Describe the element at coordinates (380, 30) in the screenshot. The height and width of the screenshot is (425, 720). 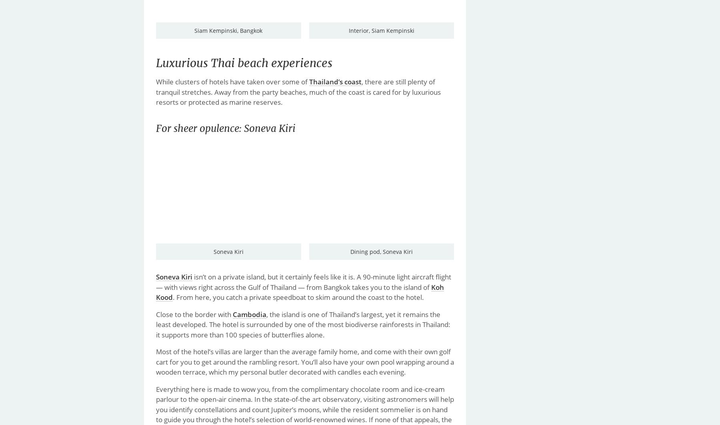
I see `'Interior, Siam Kempinski'` at that location.